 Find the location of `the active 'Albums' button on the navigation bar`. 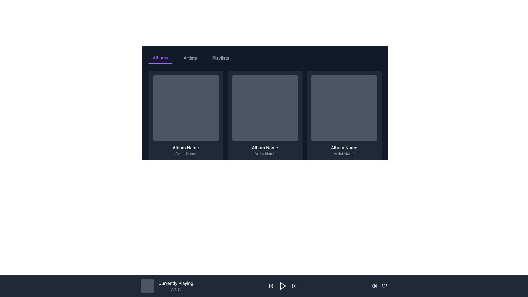

the active 'Albums' button on the navigation bar is located at coordinates (160, 58).